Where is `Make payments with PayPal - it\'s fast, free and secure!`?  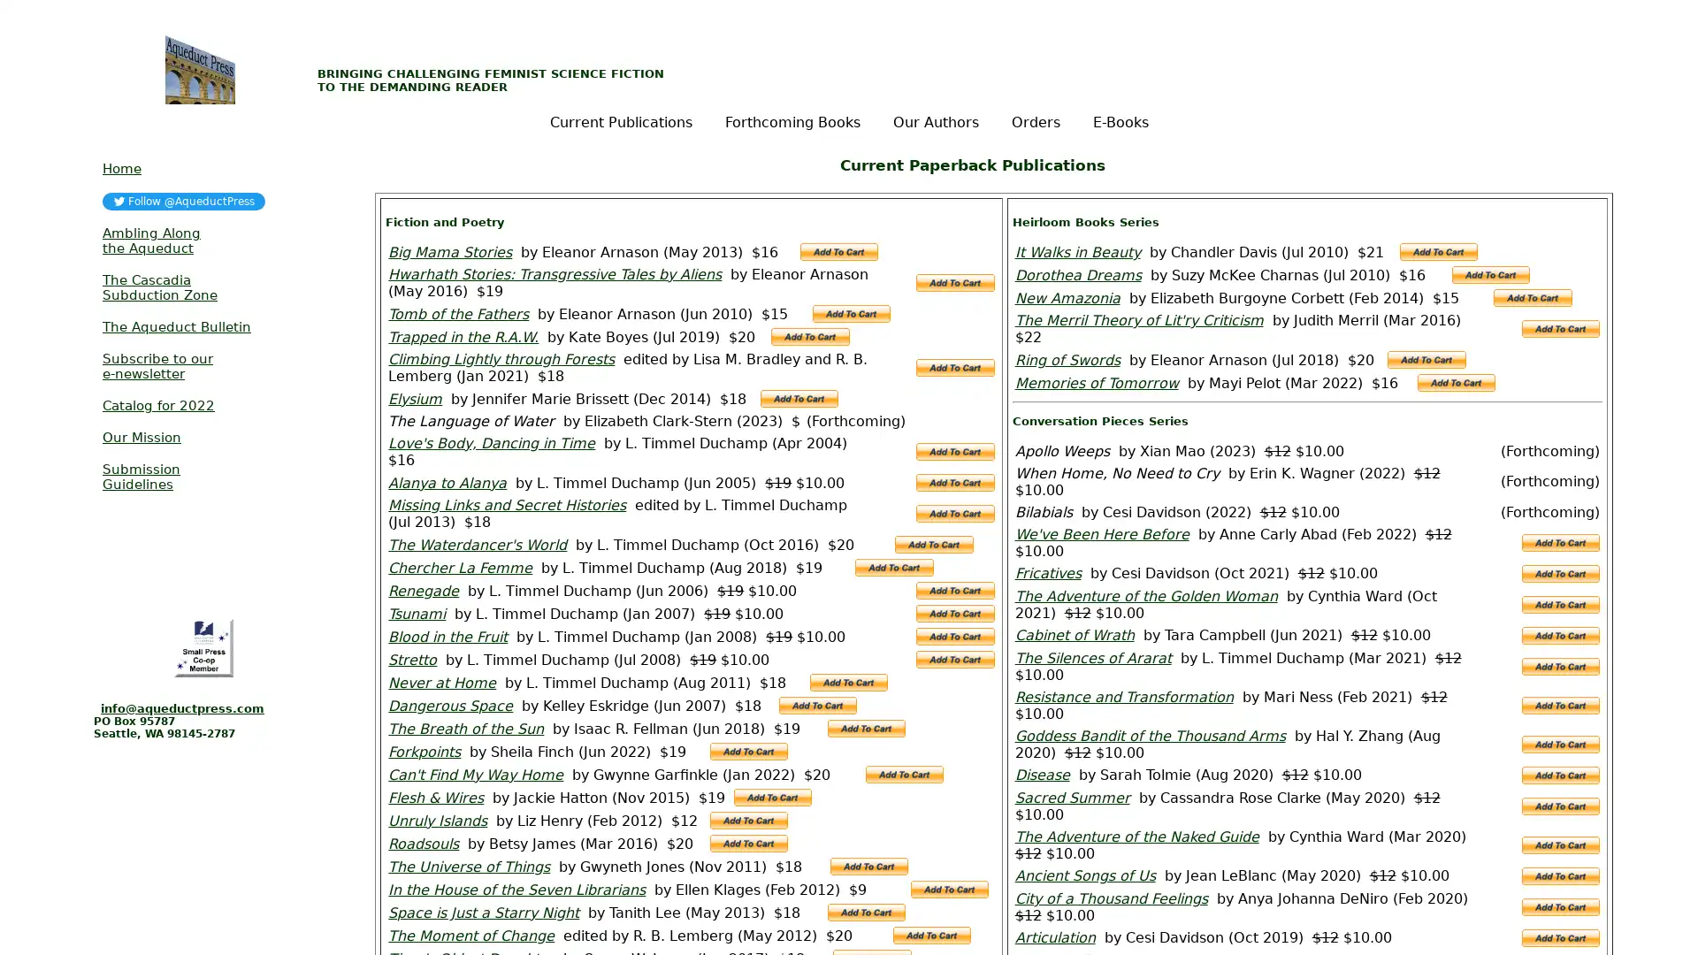 Make payments with PayPal - it\'s fast, free and secure! is located at coordinates (1560, 633).